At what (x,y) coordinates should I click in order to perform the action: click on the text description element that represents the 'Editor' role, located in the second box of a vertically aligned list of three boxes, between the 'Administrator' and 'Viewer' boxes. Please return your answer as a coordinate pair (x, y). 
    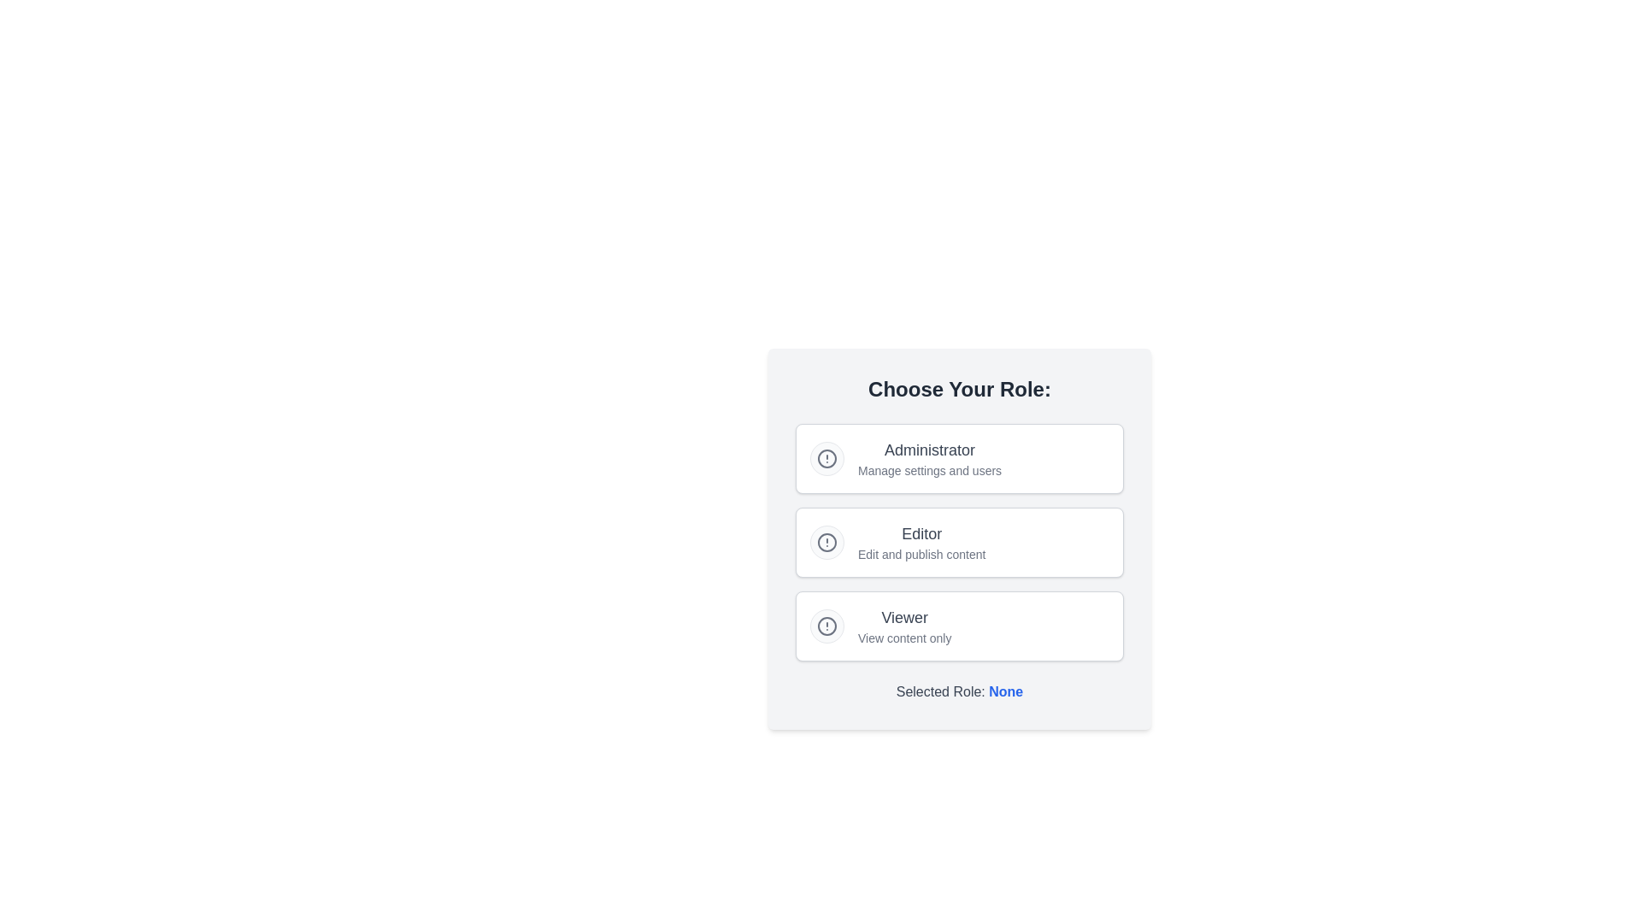
    Looking at the image, I should click on (920, 543).